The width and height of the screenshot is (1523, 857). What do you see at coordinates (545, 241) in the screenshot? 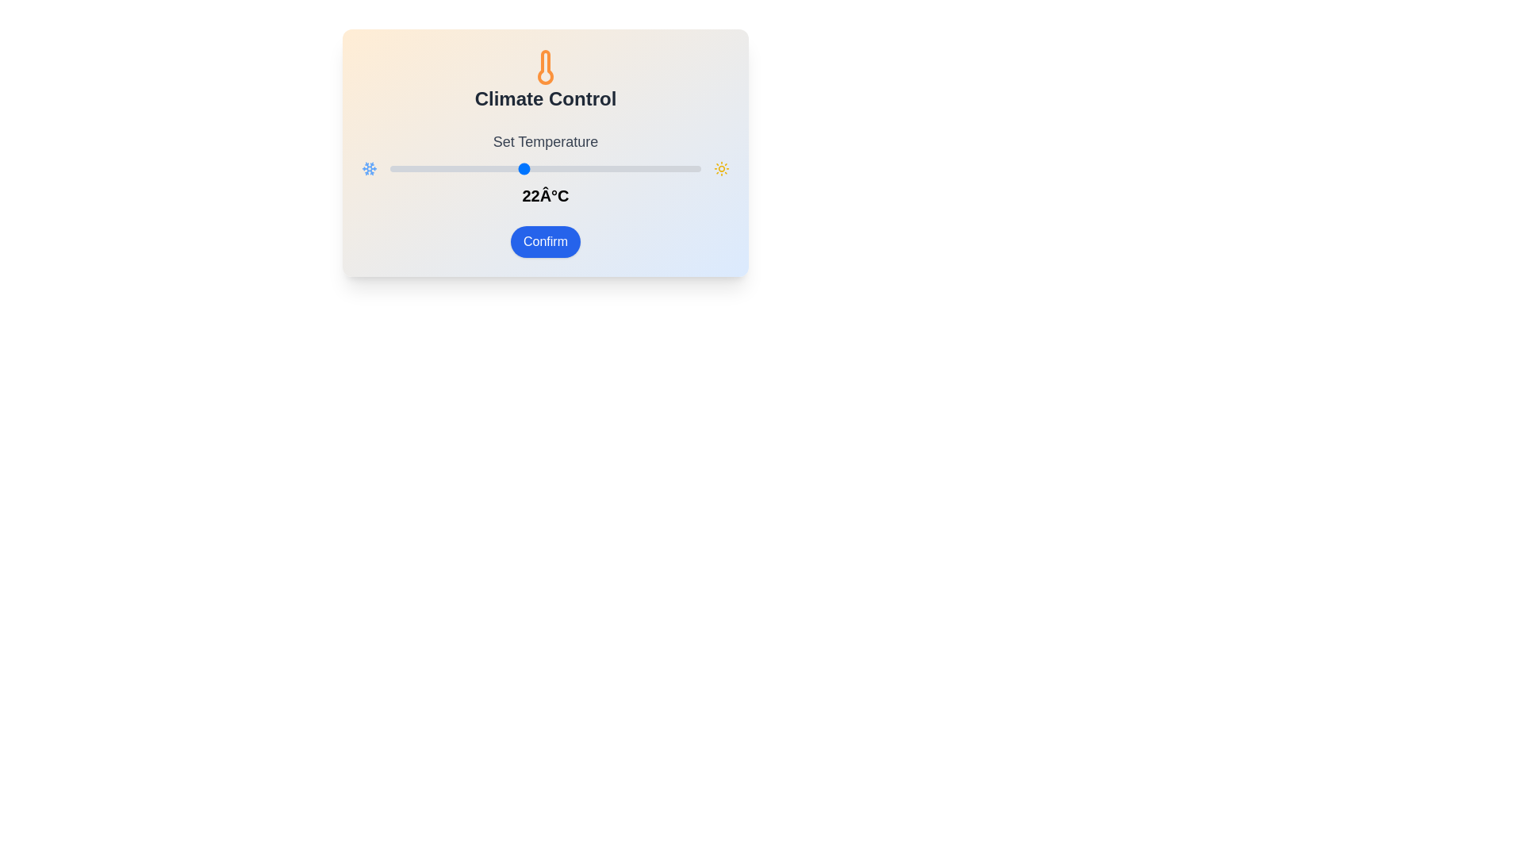
I see `confirm button to finalize the temperature setting` at bounding box center [545, 241].